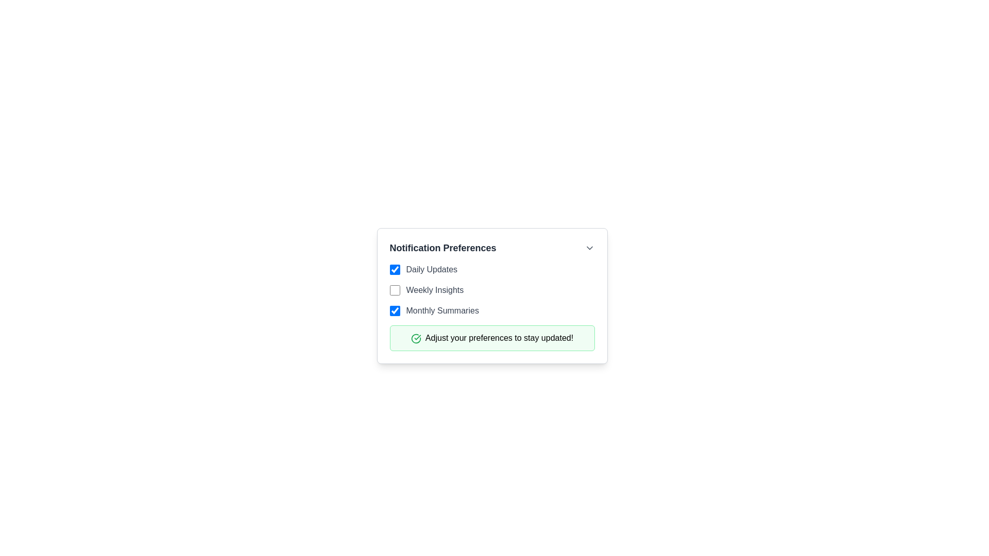 This screenshot has width=989, height=556. Describe the element at coordinates (491, 290) in the screenshot. I see `the checkbox for 'Weekly Insights' under the 'Notification Preferences' section` at that location.